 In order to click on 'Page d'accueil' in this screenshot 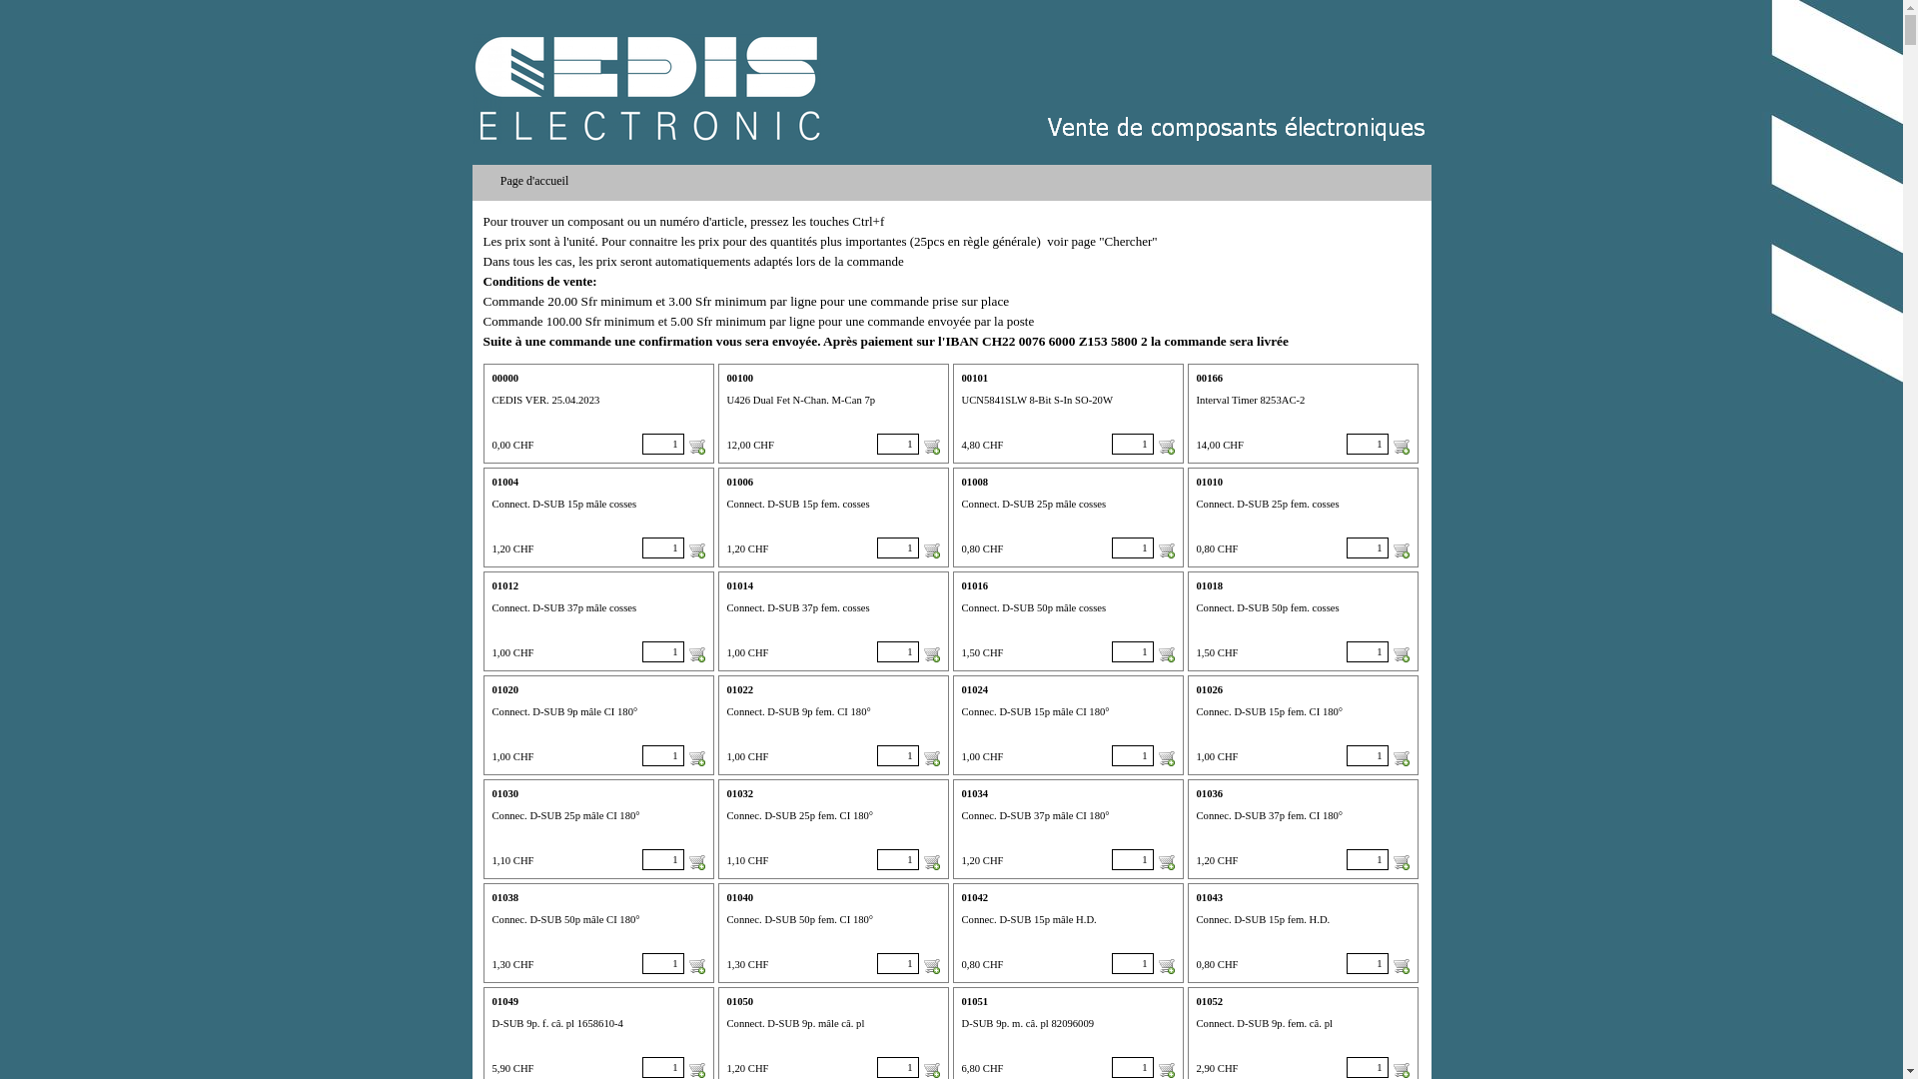, I will do `click(477, 181)`.